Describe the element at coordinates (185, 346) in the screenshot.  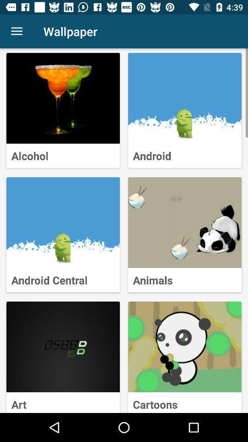
I see `cartoon selection` at that location.